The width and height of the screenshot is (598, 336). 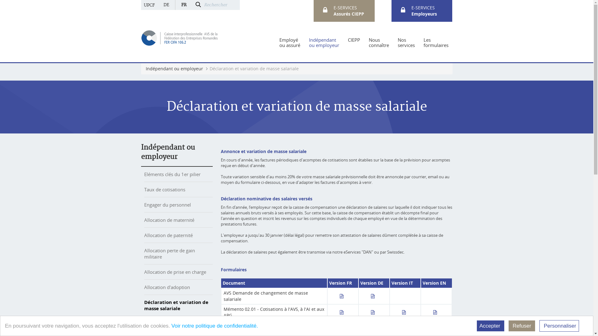 What do you see at coordinates (406, 42) in the screenshot?
I see `'Nos` at bounding box center [406, 42].